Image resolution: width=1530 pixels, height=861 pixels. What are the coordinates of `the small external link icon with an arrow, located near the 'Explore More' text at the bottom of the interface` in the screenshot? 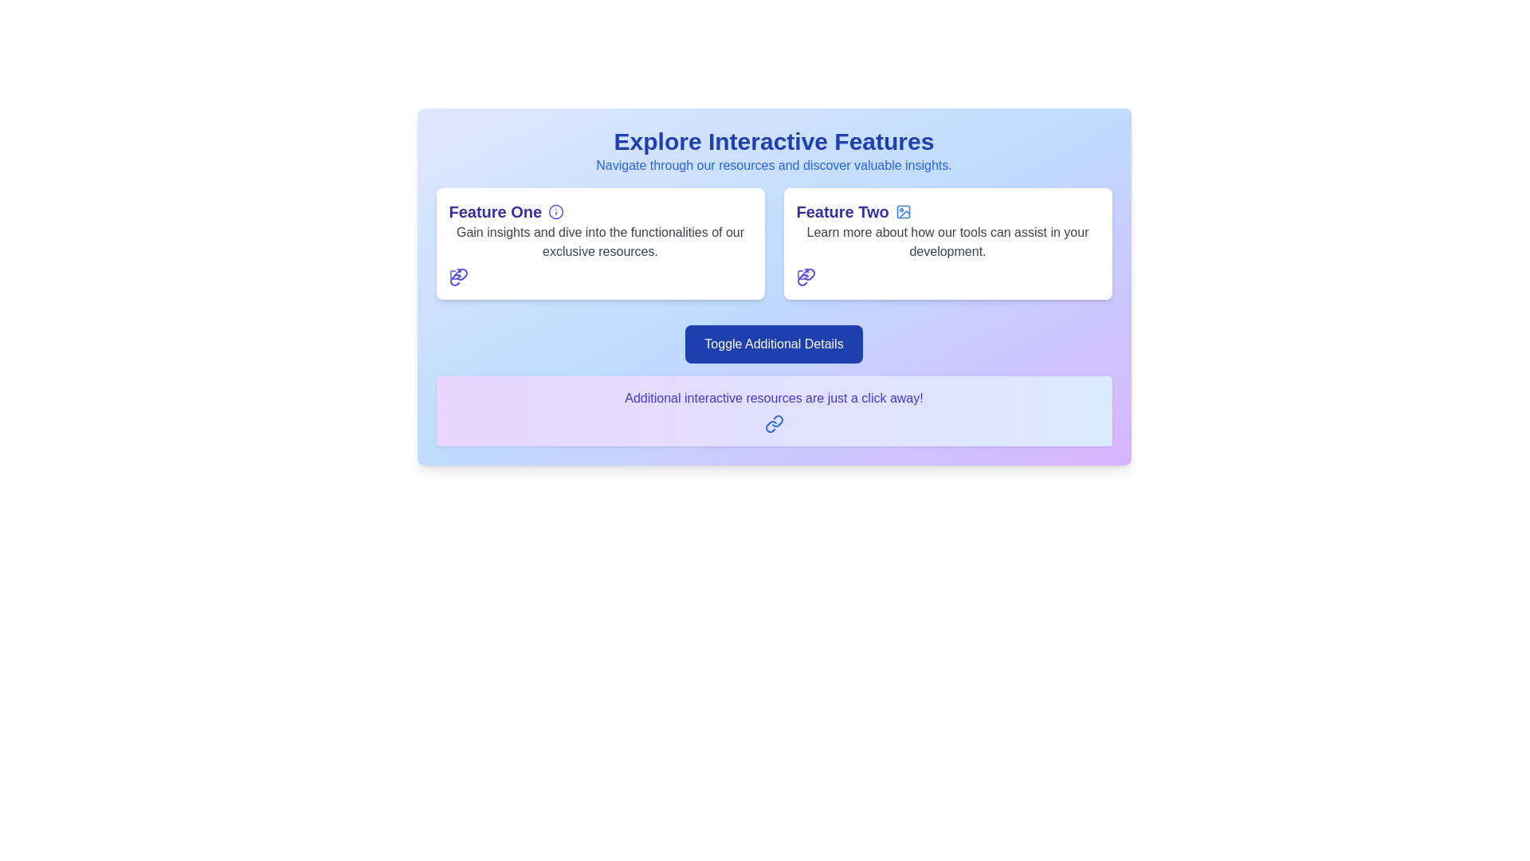 It's located at (802, 273).